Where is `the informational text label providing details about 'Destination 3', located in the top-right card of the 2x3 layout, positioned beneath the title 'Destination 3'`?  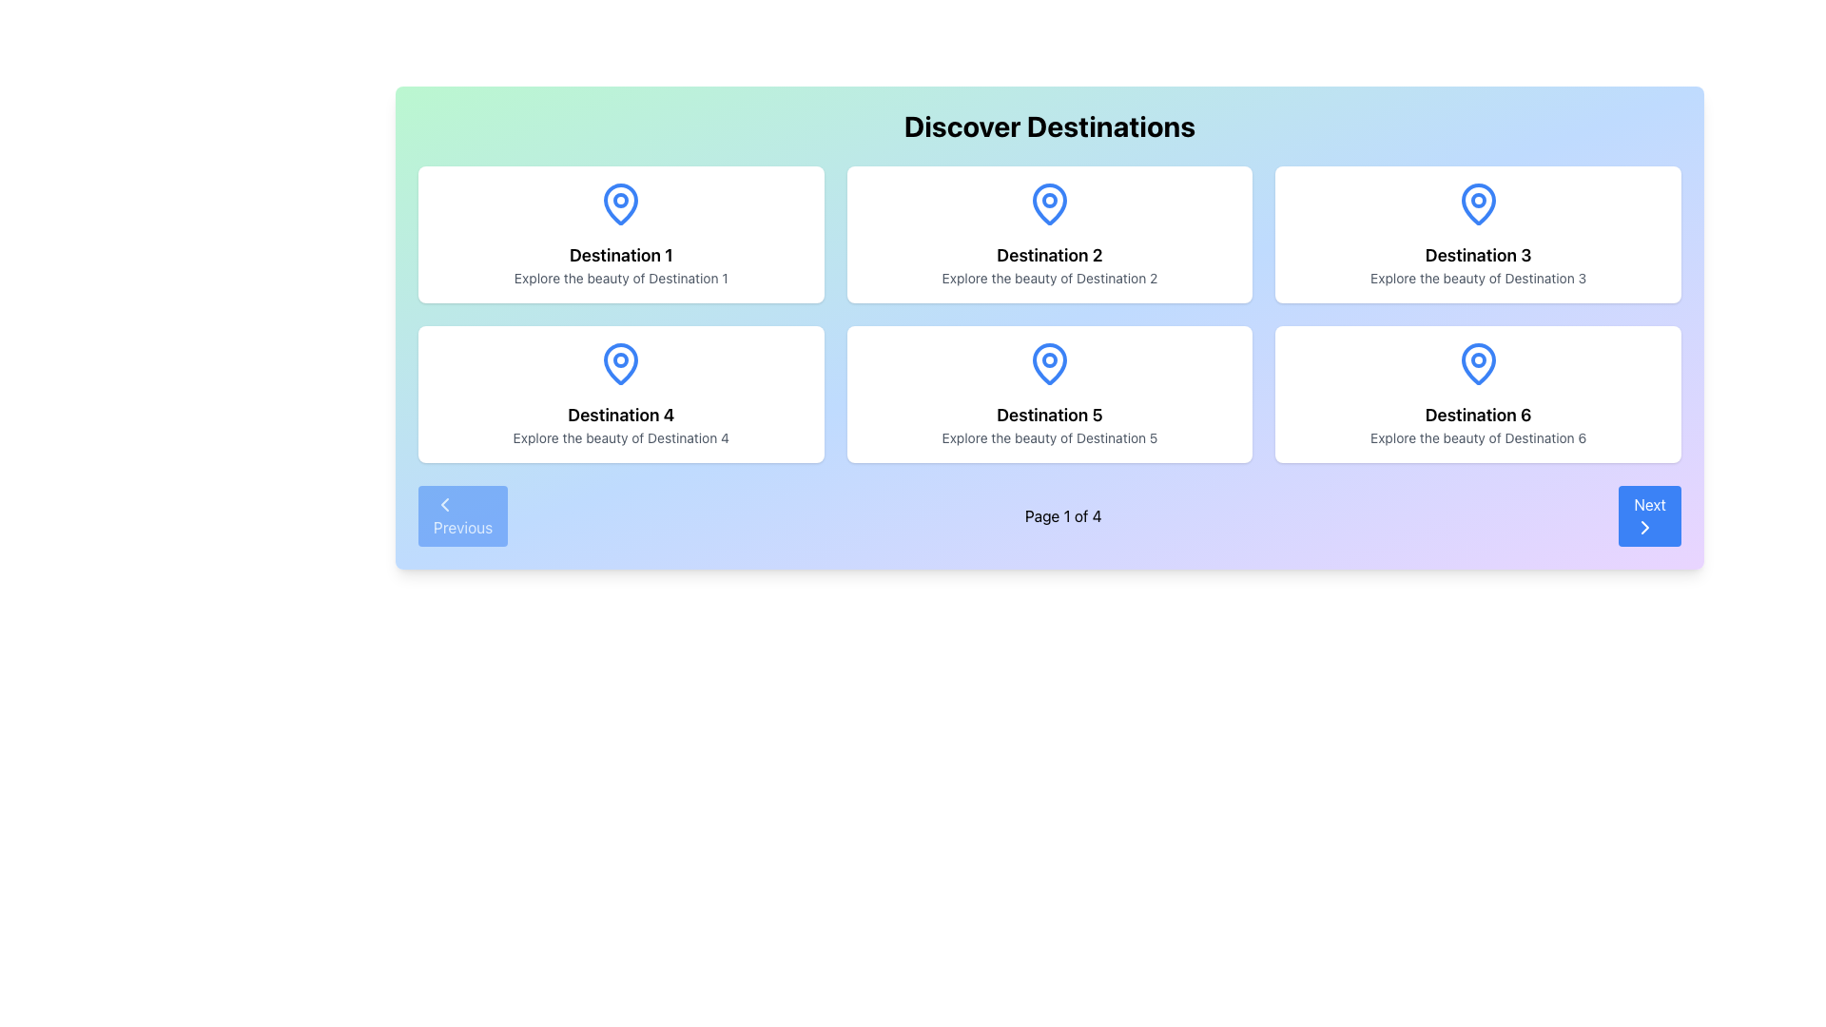
the informational text label providing details about 'Destination 3', located in the top-right card of the 2x3 layout, positioned beneath the title 'Destination 3' is located at coordinates (1477, 279).